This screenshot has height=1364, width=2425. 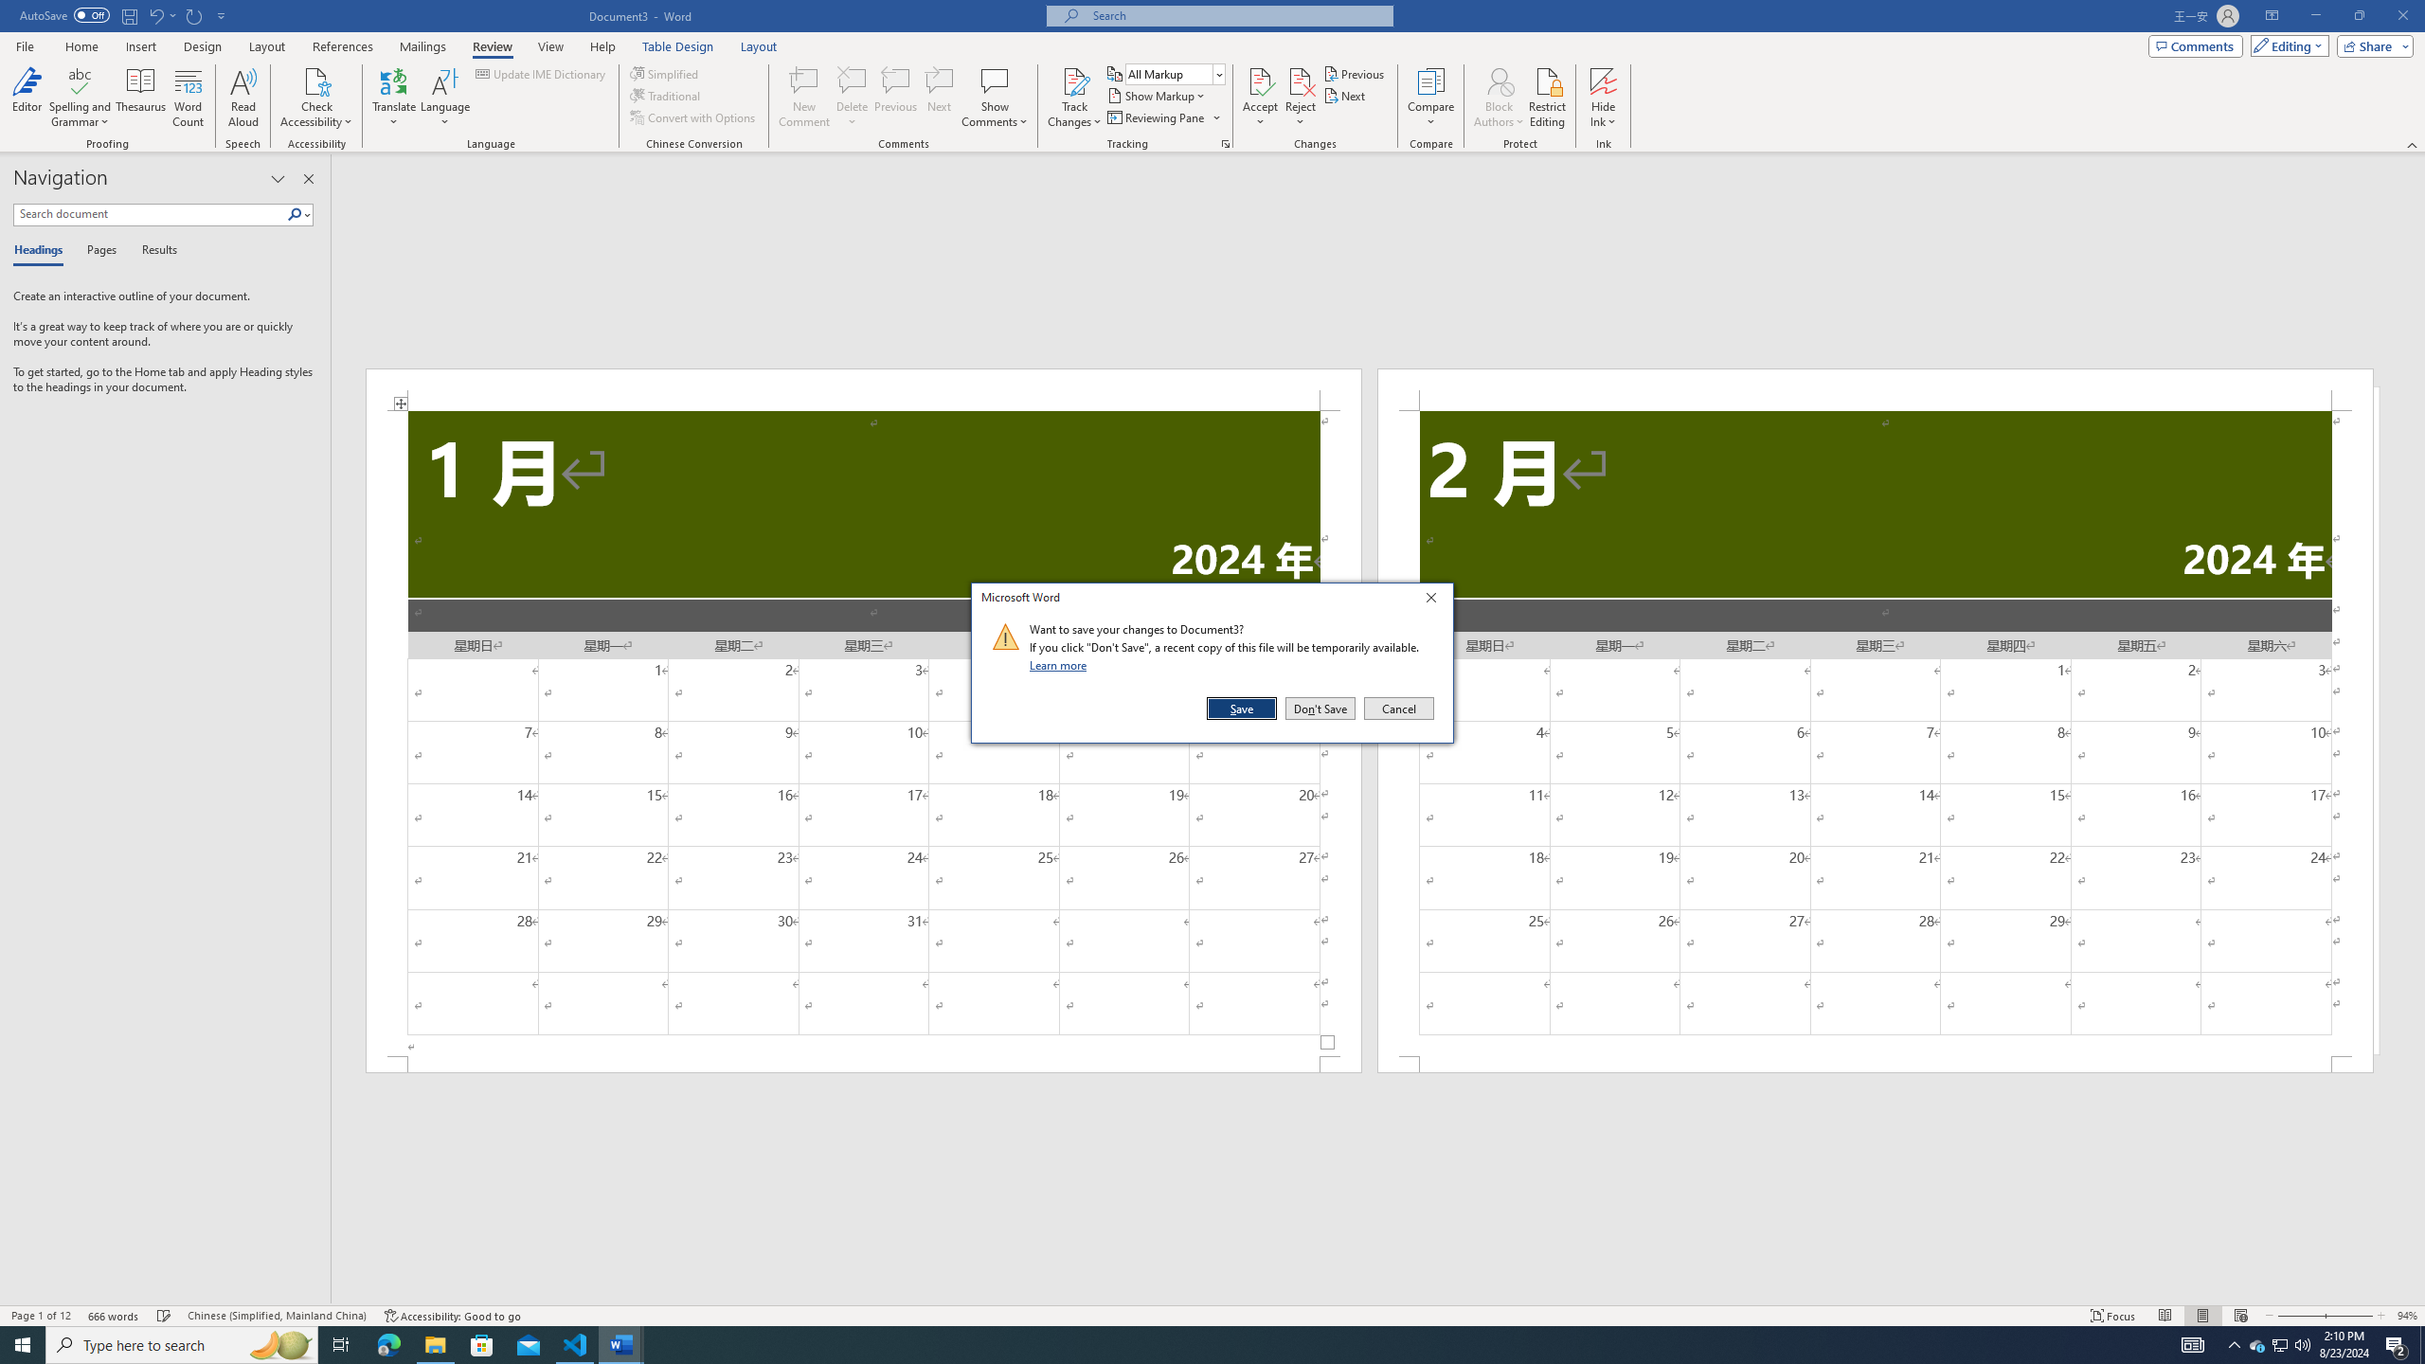 I want to click on 'Word - 2 running windows', so click(x=621, y=1343).